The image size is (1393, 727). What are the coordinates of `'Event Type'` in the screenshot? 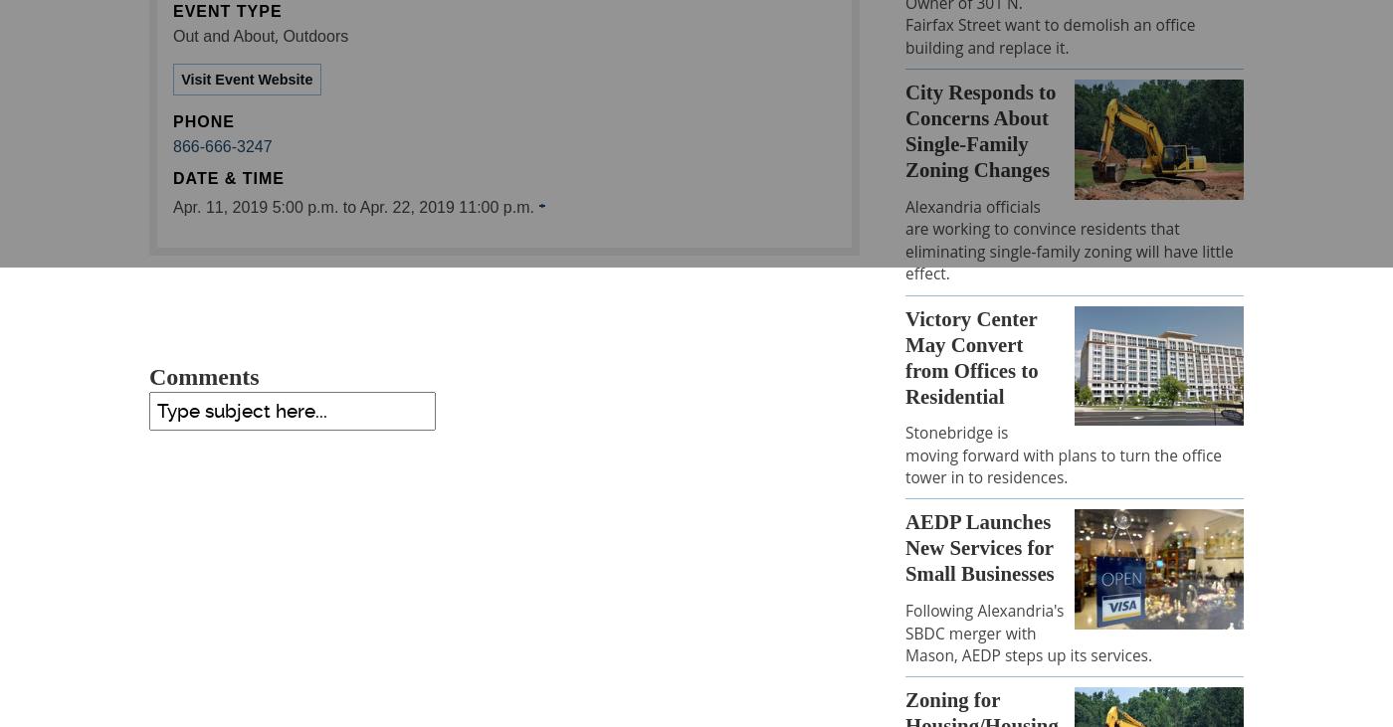 It's located at (173, 10).